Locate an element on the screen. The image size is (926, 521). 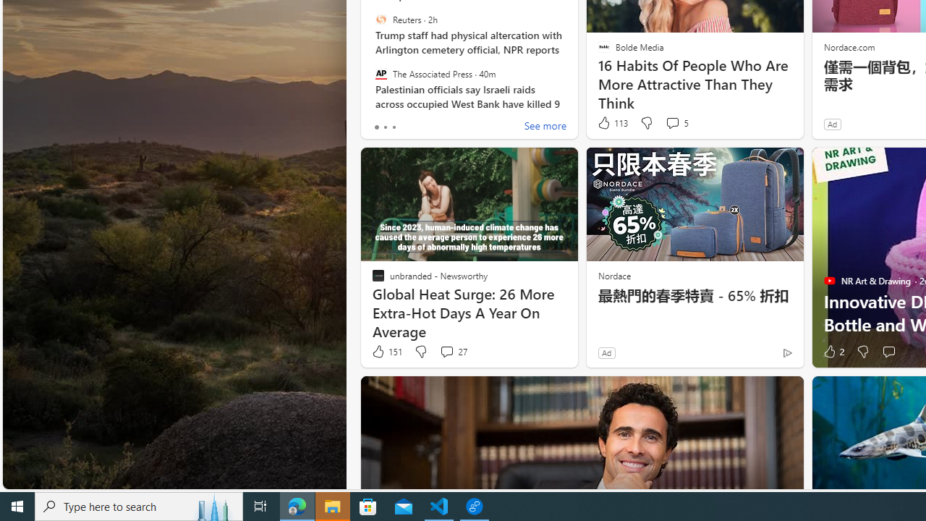
'Reuters' is located at coordinates (381, 20).